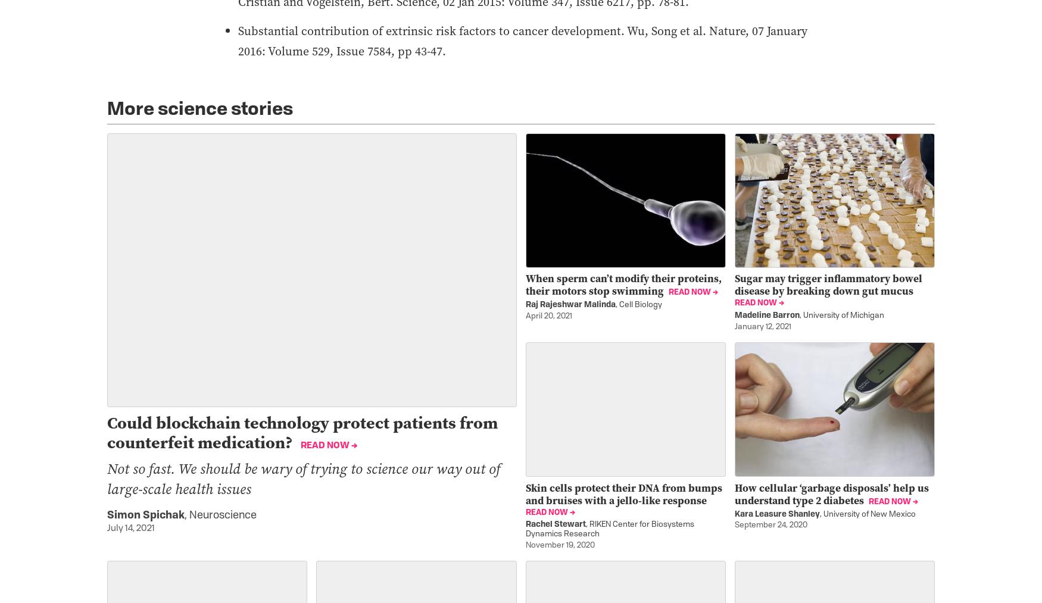 The width and height of the screenshot is (1042, 603). I want to click on ', Cell Biology', so click(638, 305).